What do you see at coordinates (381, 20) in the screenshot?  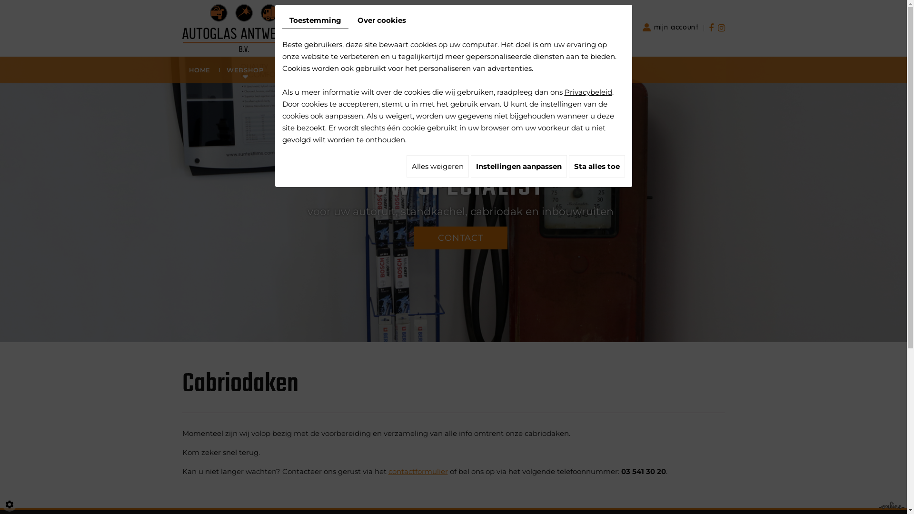 I see `'Over cookies'` at bounding box center [381, 20].